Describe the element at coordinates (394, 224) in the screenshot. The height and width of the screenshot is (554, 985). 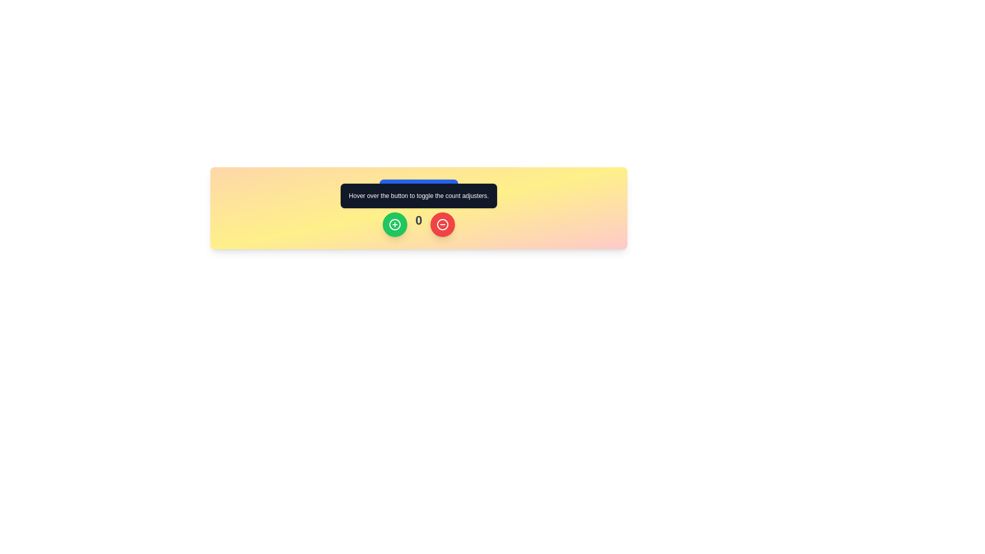
I see `the leftmost circular button with a green background and a white plus symbol inside` at that location.